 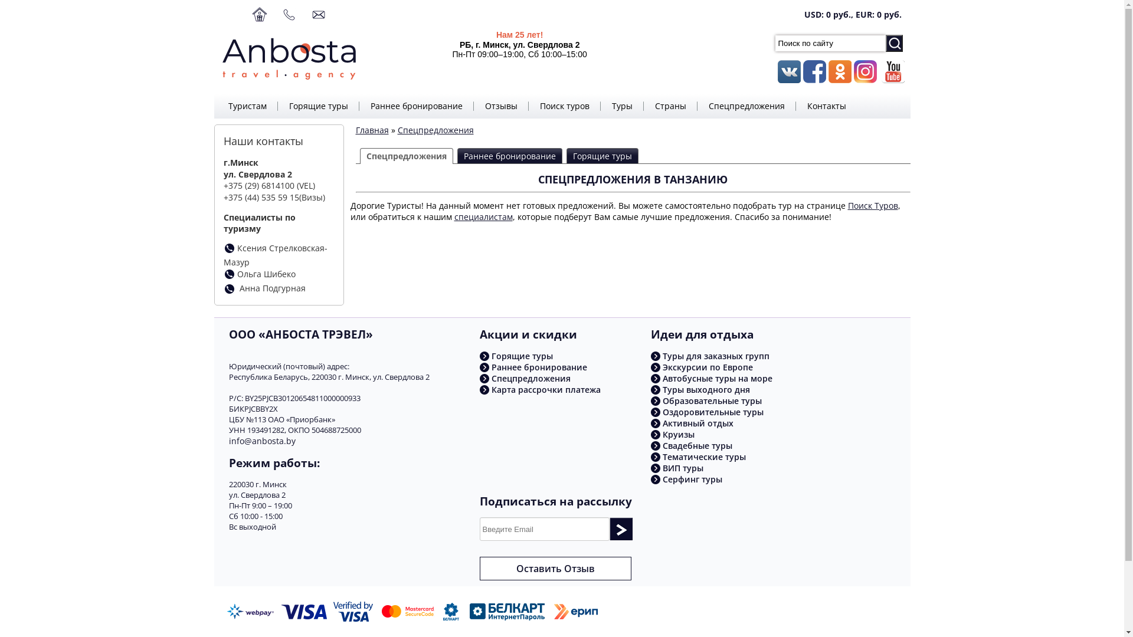 What do you see at coordinates (261, 441) in the screenshot?
I see `'info@anbosta.by'` at bounding box center [261, 441].